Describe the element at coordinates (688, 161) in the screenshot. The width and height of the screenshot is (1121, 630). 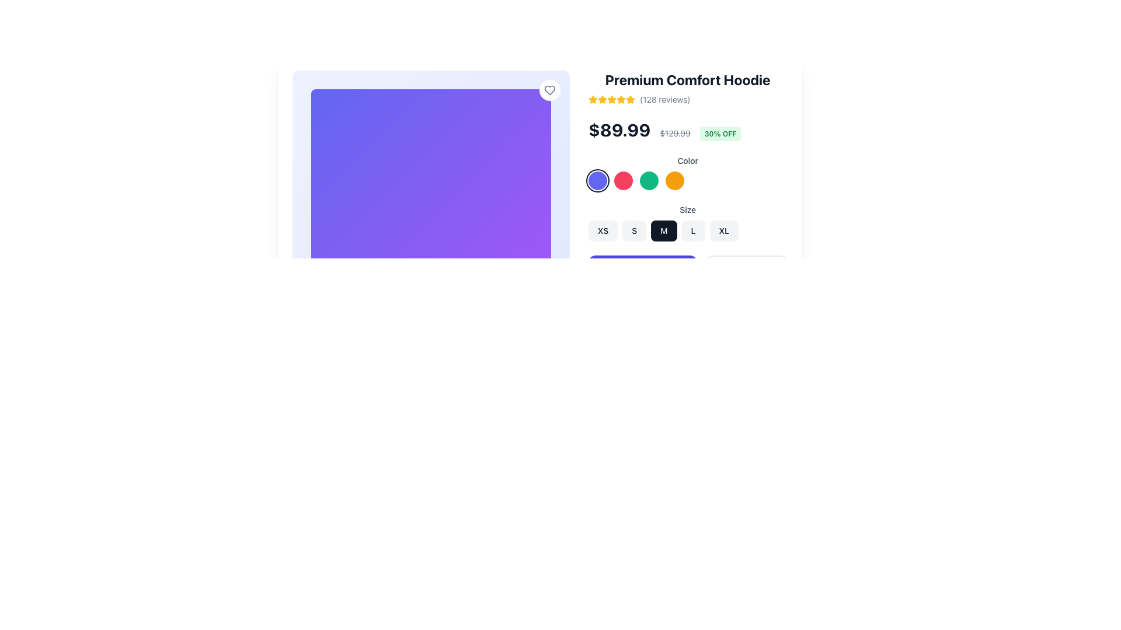
I see `the Text Label that provides context for the color selection feature, located immediately above the row of color selectors and below the price information` at that location.